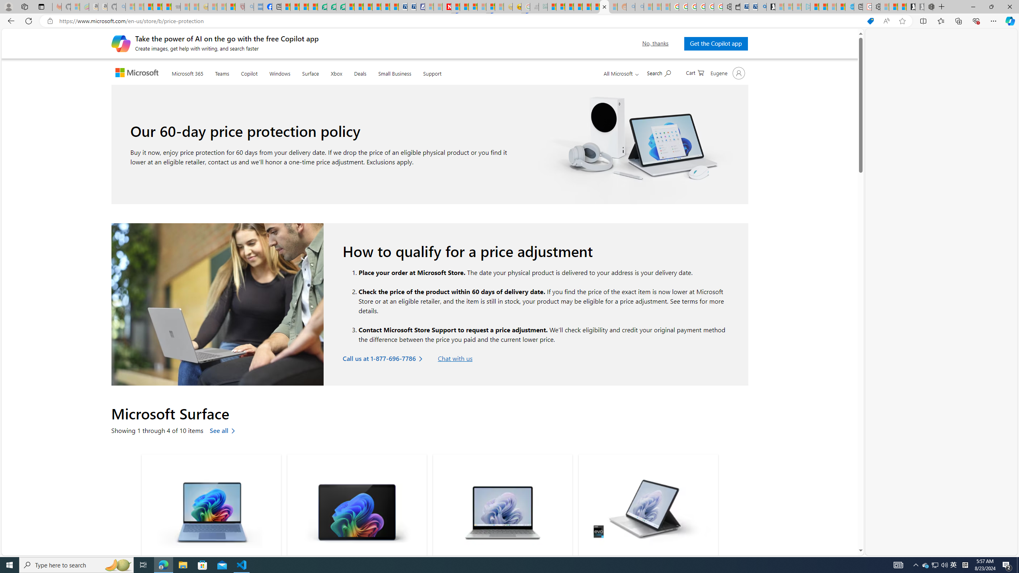  Describe the element at coordinates (543, 6) in the screenshot. I see `'DITOGAMES AG Imprint - Sleeping'` at that location.